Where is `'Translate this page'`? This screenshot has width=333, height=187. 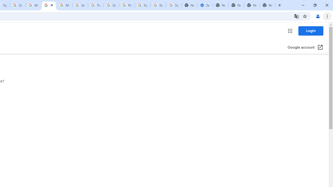 'Translate this page' is located at coordinates (296, 16).